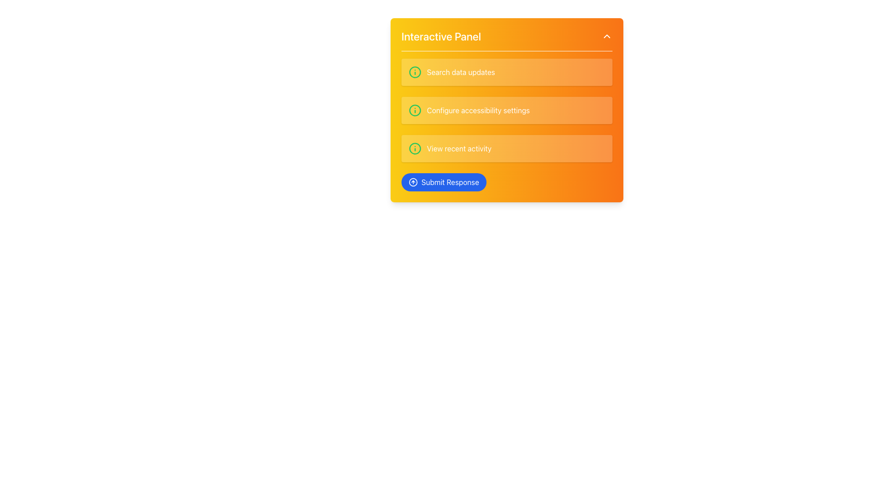 The height and width of the screenshot is (491, 873). What do you see at coordinates (450, 182) in the screenshot?
I see `text from the 'Submit Response' label, which is part of a button located at the bottom of a vertical list in the 'Interactive Panel' orange card` at bounding box center [450, 182].